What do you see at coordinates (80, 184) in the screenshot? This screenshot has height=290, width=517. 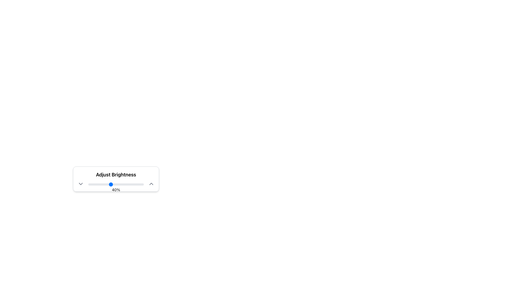 I see `the button located in the 'Adjust Brightness' interface on the far-left side` at bounding box center [80, 184].